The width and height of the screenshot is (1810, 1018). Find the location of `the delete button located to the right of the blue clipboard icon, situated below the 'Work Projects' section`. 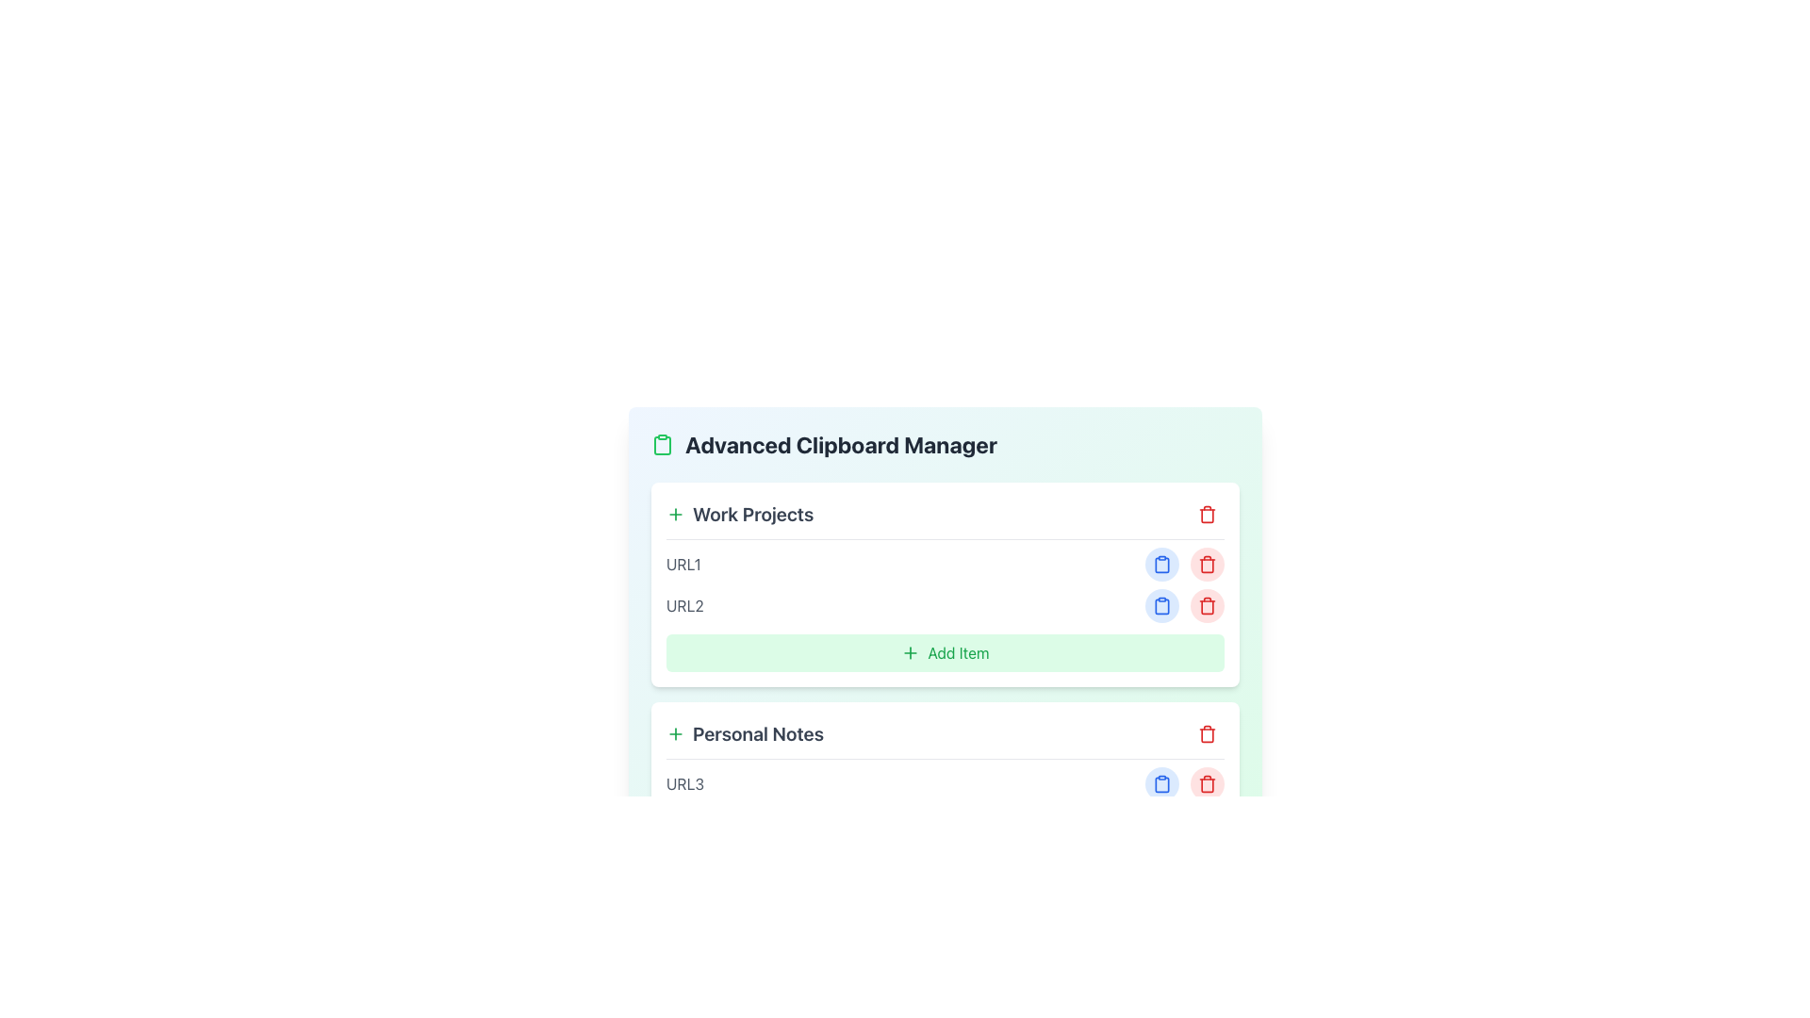

the delete button located to the right of the blue clipboard icon, situated below the 'Work Projects' section is located at coordinates (1208, 563).